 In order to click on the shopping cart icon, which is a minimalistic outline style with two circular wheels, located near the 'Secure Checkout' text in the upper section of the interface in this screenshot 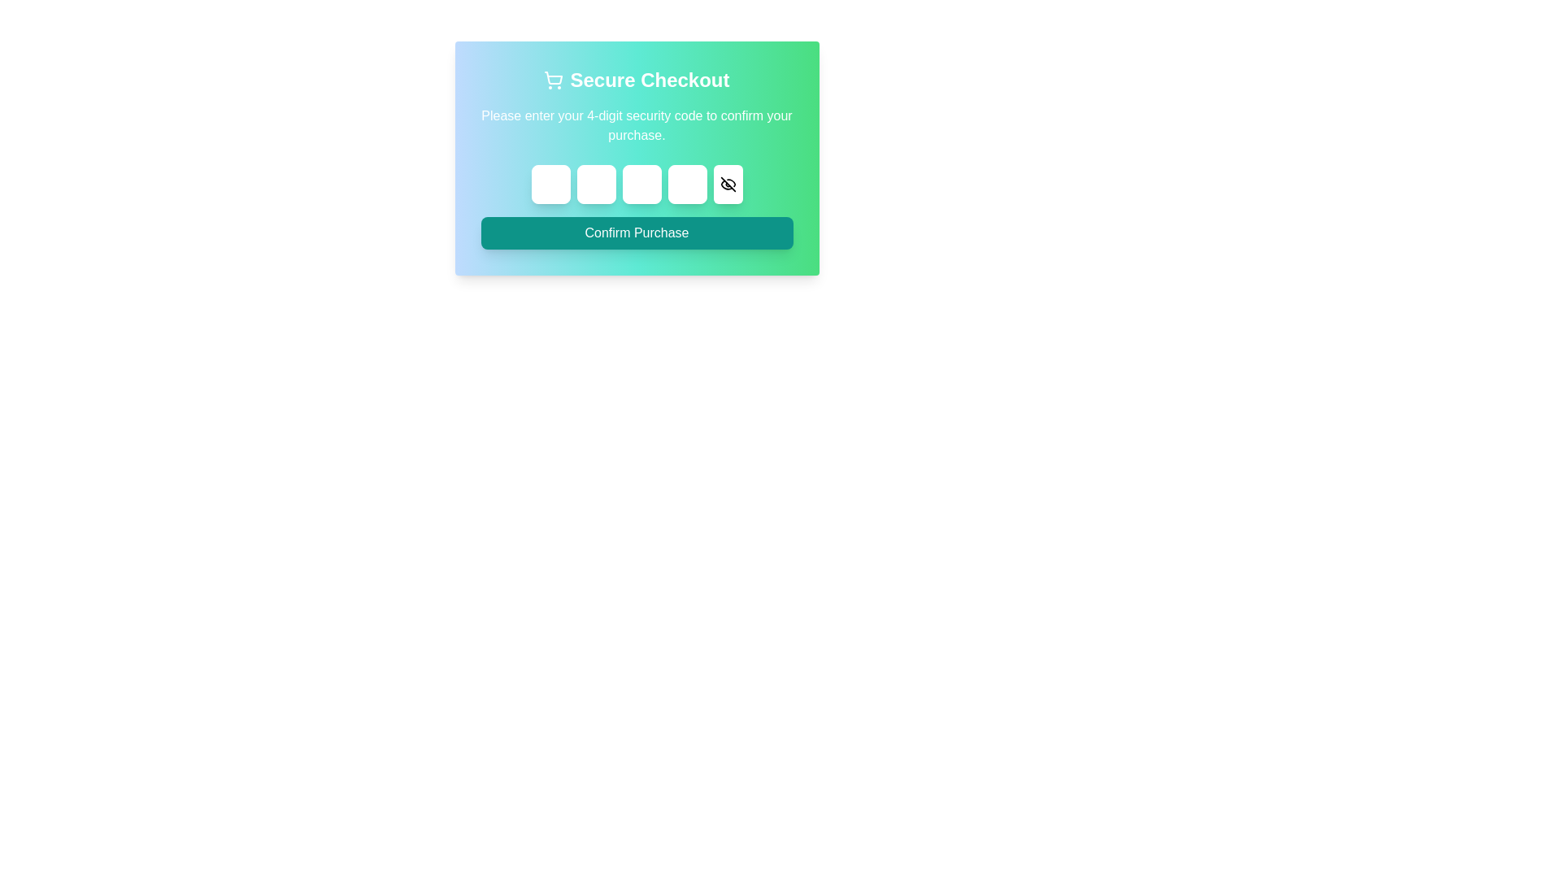, I will do `click(554, 80)`.